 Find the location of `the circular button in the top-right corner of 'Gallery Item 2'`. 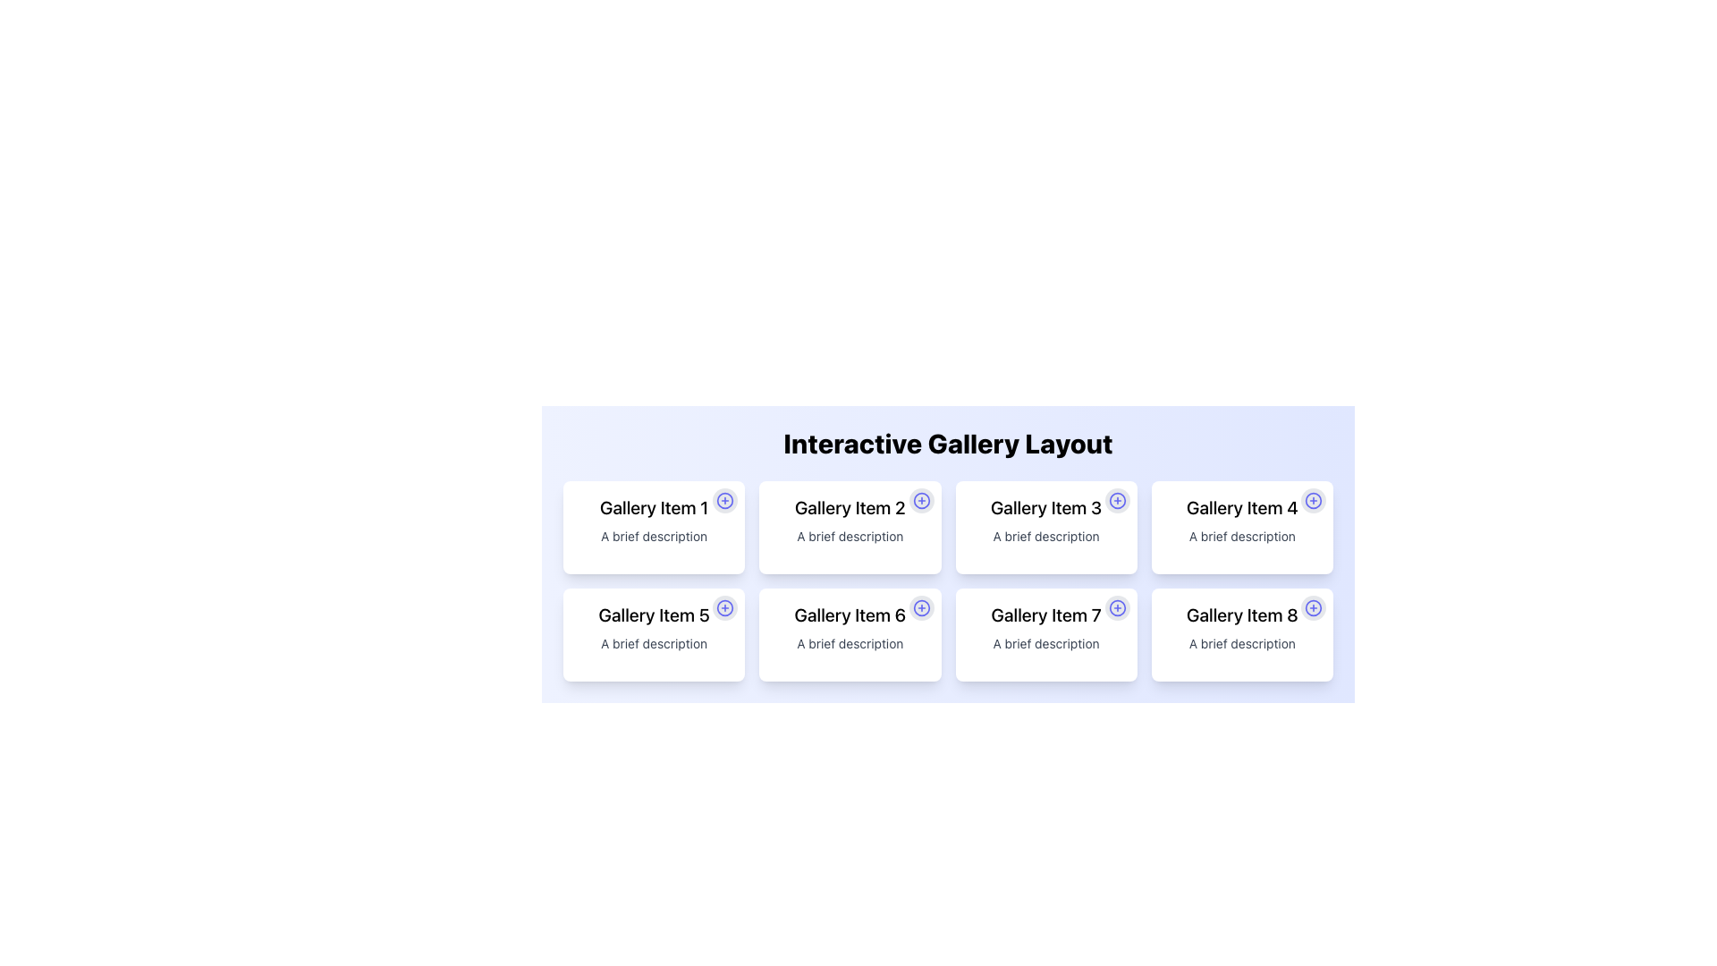

the circular button in the top-right corner of 'Gallery Item 2' is located at coordinates (921, 500).